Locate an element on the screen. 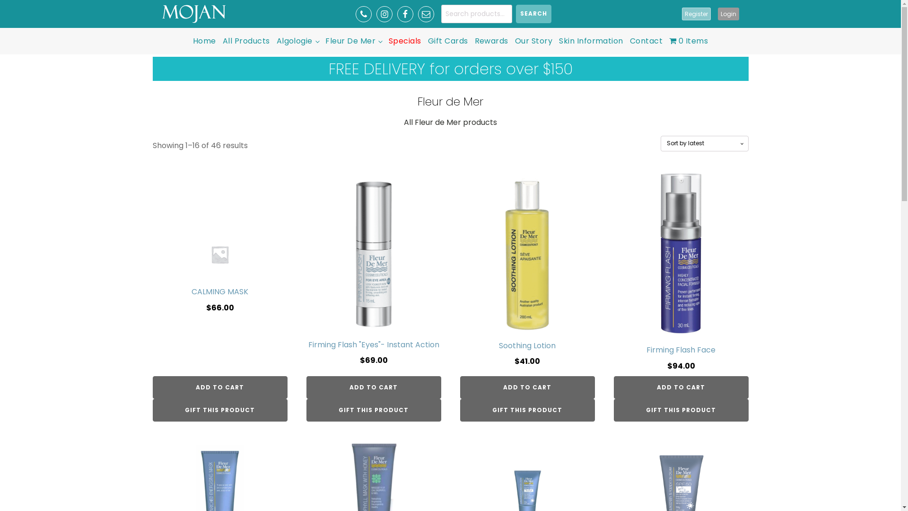 This screenshot has width=908, height=511. 'Skin Information' is located at coordinates (590, 41).